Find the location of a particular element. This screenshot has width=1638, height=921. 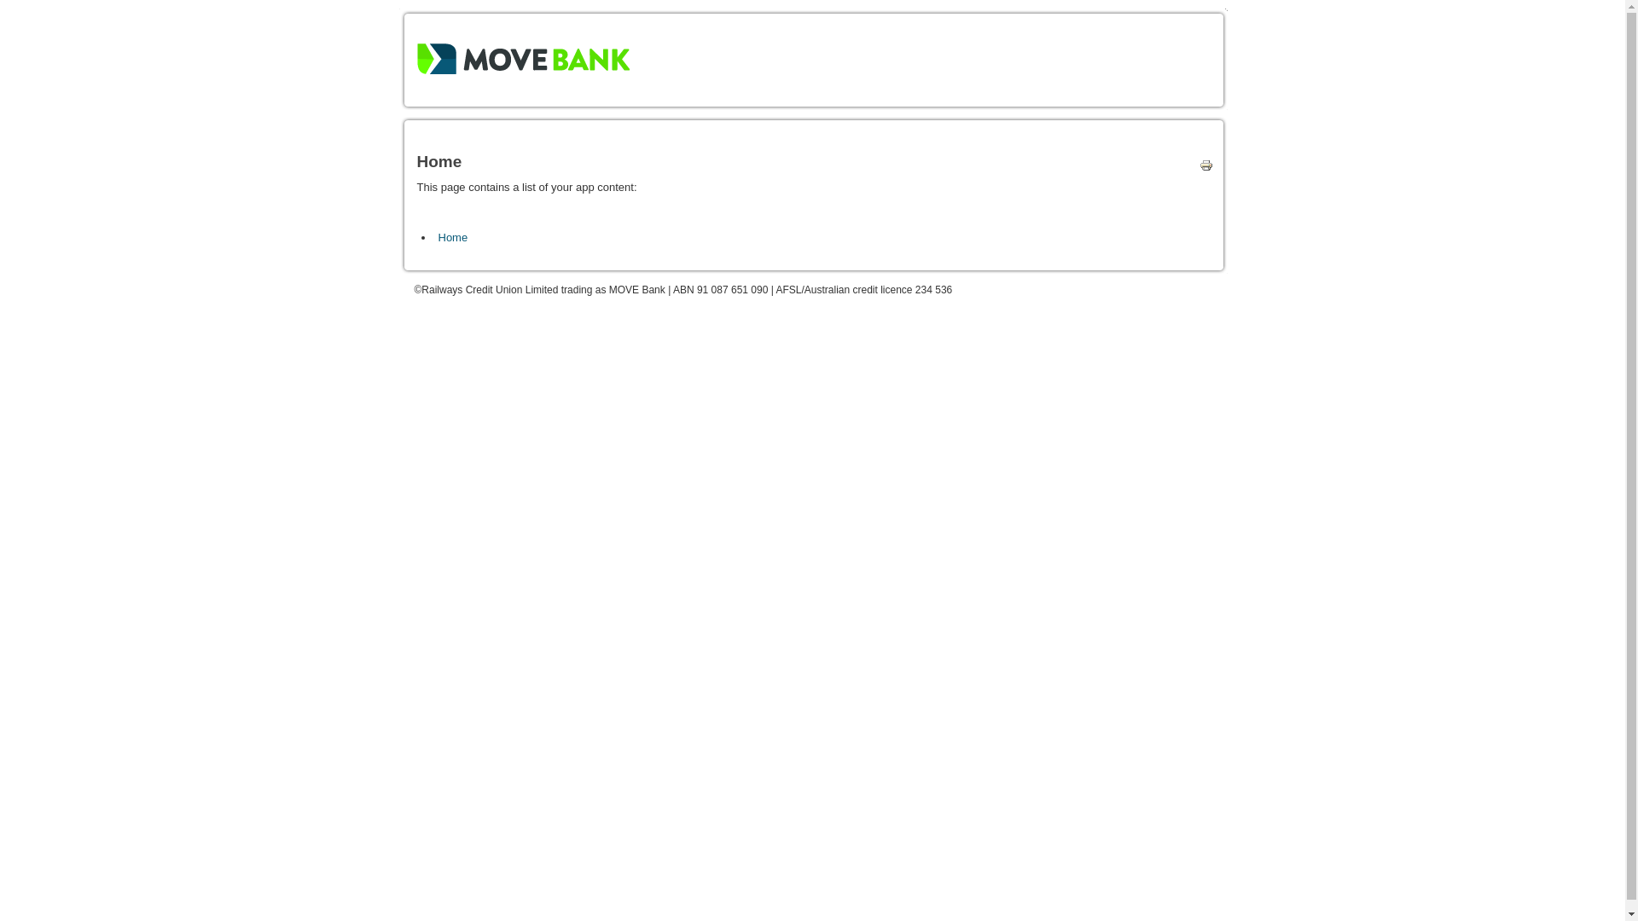

'Print' is located at coordinates (1201, 168).